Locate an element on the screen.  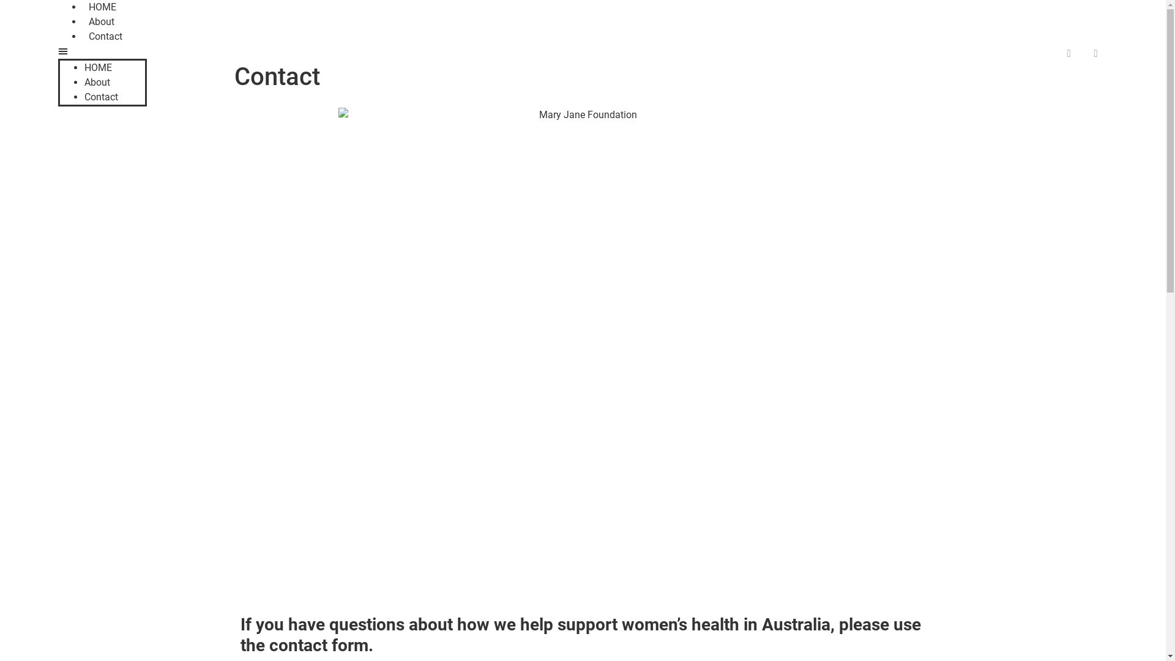
'About' is located at coordinates (96, 82).